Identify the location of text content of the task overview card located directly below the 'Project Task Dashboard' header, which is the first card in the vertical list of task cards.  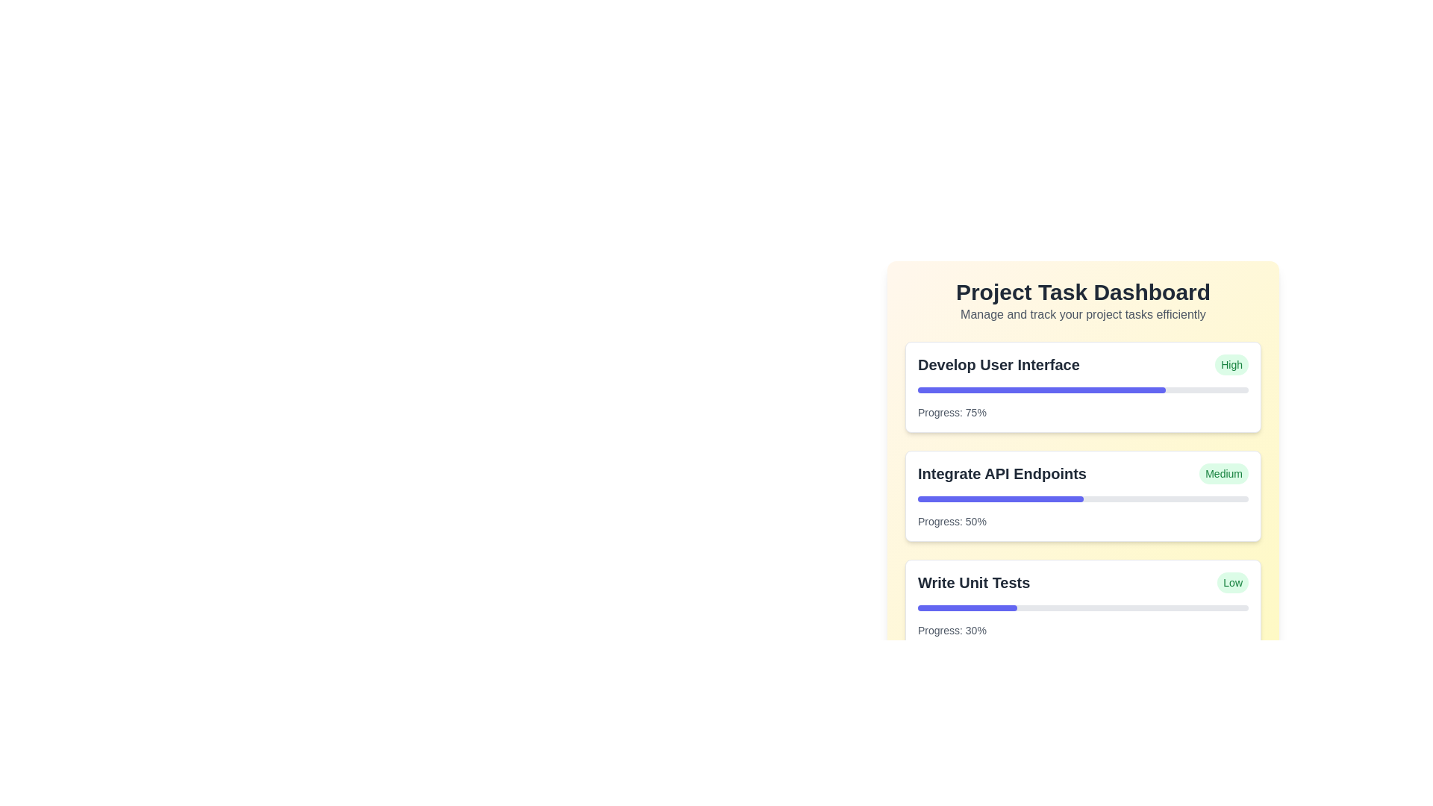
(1083, 387).